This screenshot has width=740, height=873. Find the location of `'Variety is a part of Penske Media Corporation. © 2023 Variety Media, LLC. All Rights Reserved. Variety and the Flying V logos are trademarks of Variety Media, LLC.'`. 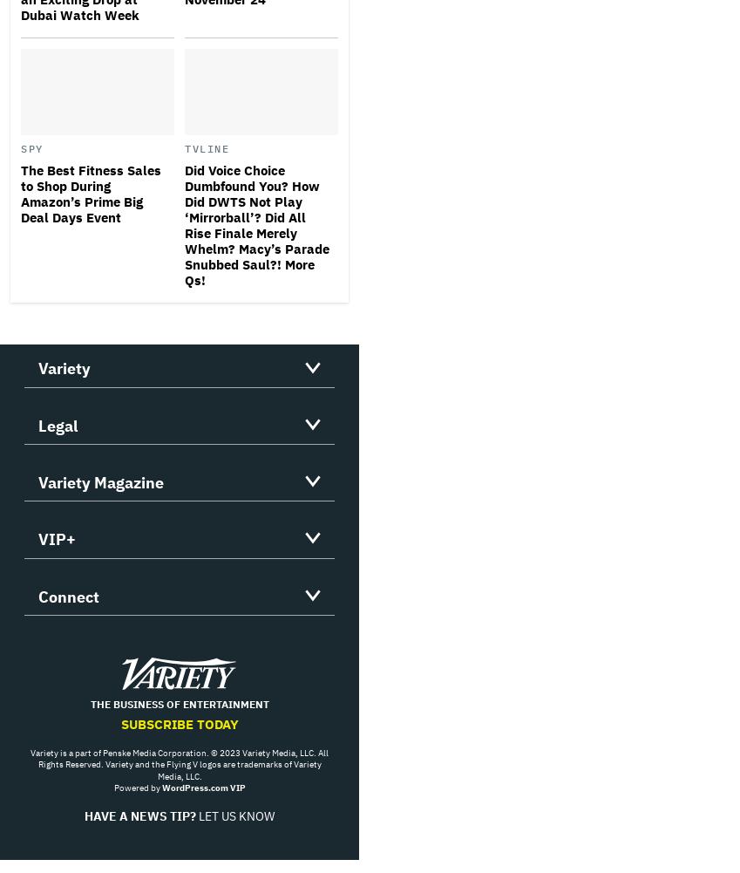

'Variety is a part of Penske Media Corporation. © 2023 Variety Media, LLC. All Rights Reserved. Variety and the Flying V logos are trademarks of Variety Media, LLC.' is located at coordinates (178, 763).